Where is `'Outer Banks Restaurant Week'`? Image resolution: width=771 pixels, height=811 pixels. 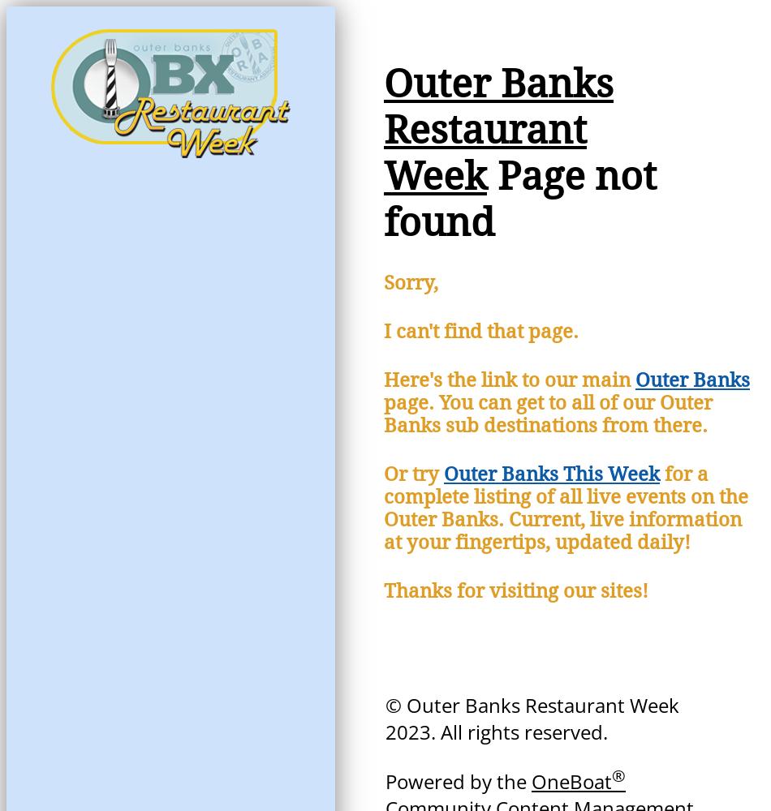
'Outer Banks Restaurant Week' is located at coordinates (383, 130).